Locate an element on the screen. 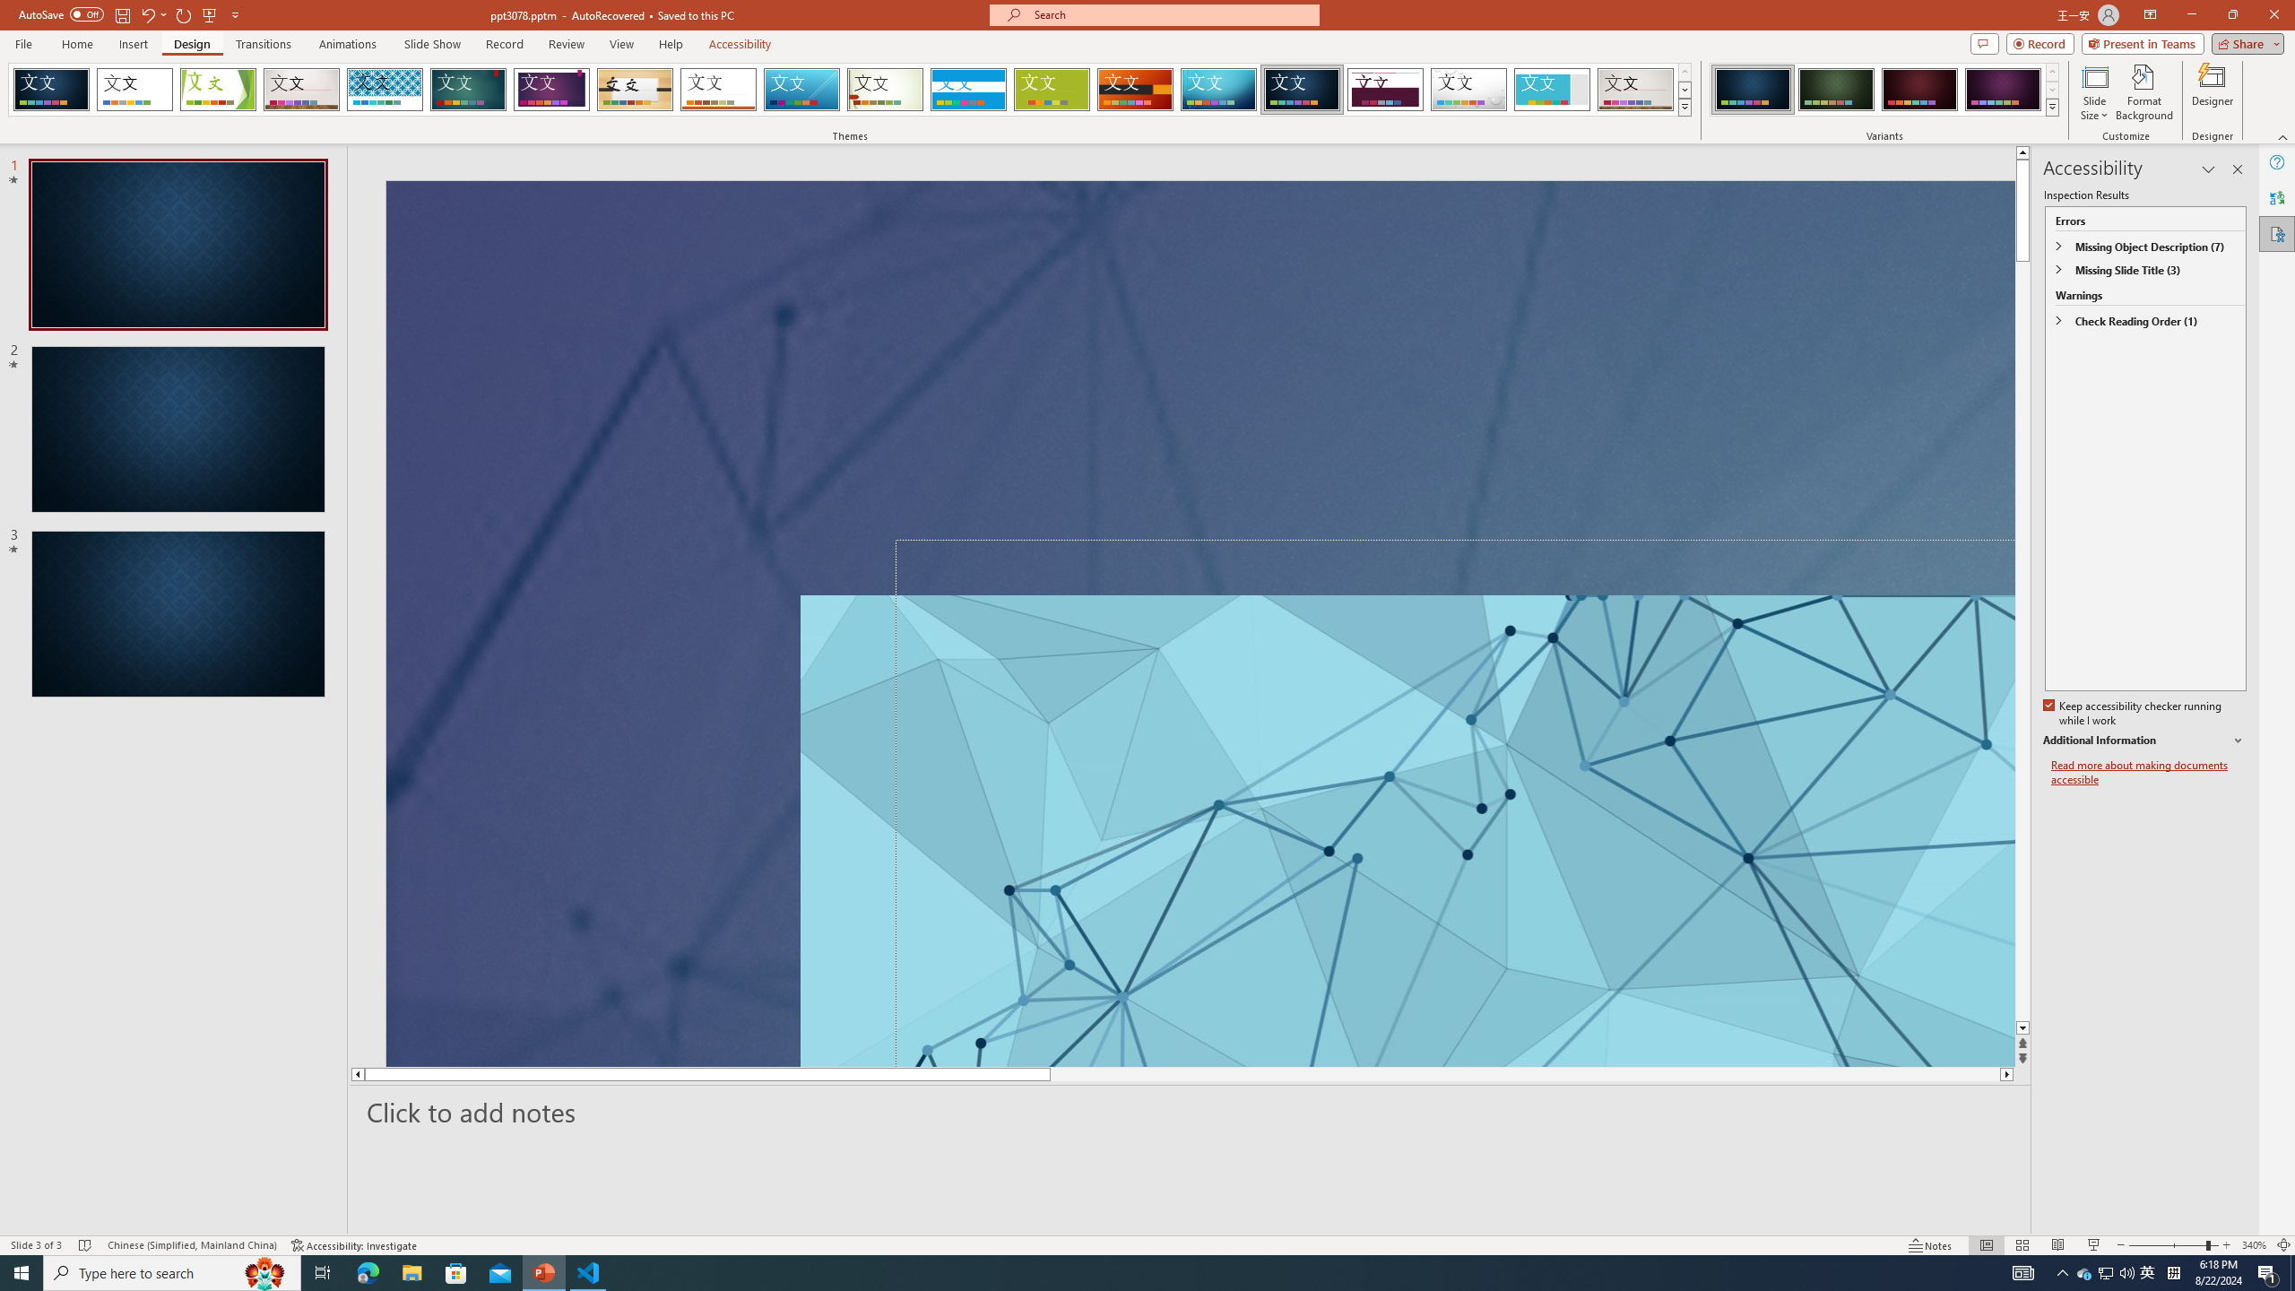 This screenshot has width=2295, height=1291. 'Banded' is located at coordinates (968, 89).